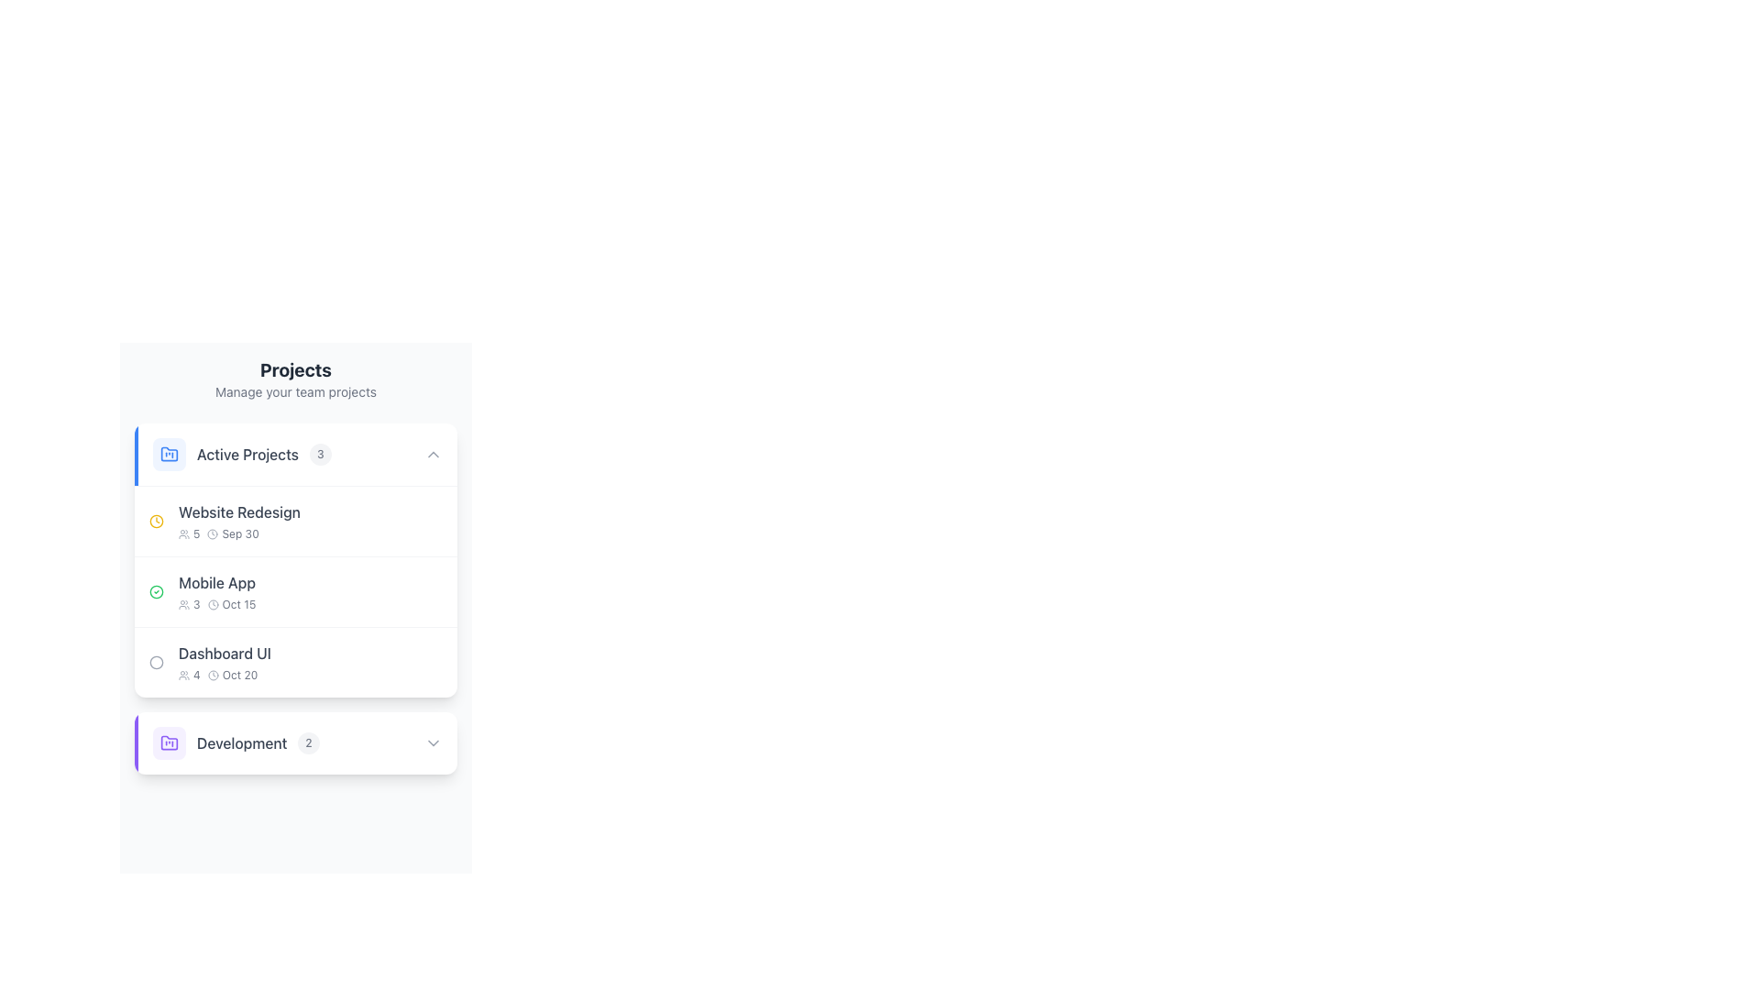  What do you see at coordinates (238, 533) in the screenshot?
I see `date 'Sep 30' and the number of items '5' from the Text and Icon Combination located below the 'Website Redesign' title` at bounding box center [238, 533].